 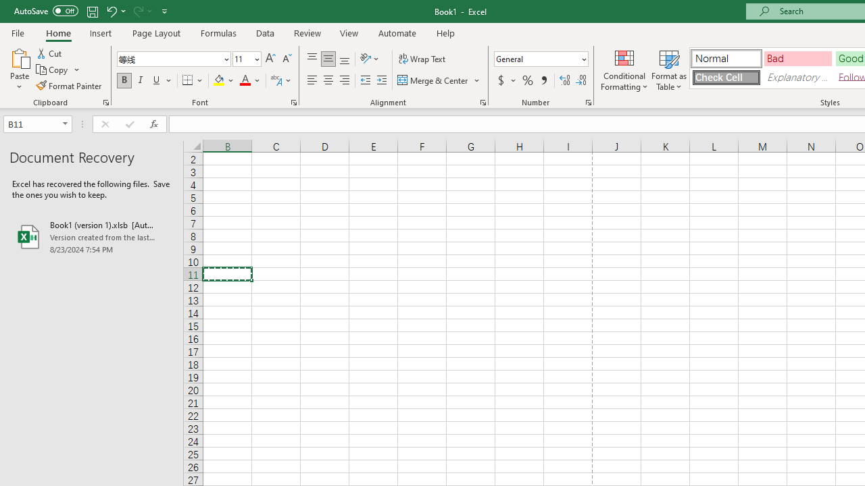 What do you see at coordinates (797, 77) in the screenshot?
I see `'Explanatory Text'` at bounding box center [797, 77].